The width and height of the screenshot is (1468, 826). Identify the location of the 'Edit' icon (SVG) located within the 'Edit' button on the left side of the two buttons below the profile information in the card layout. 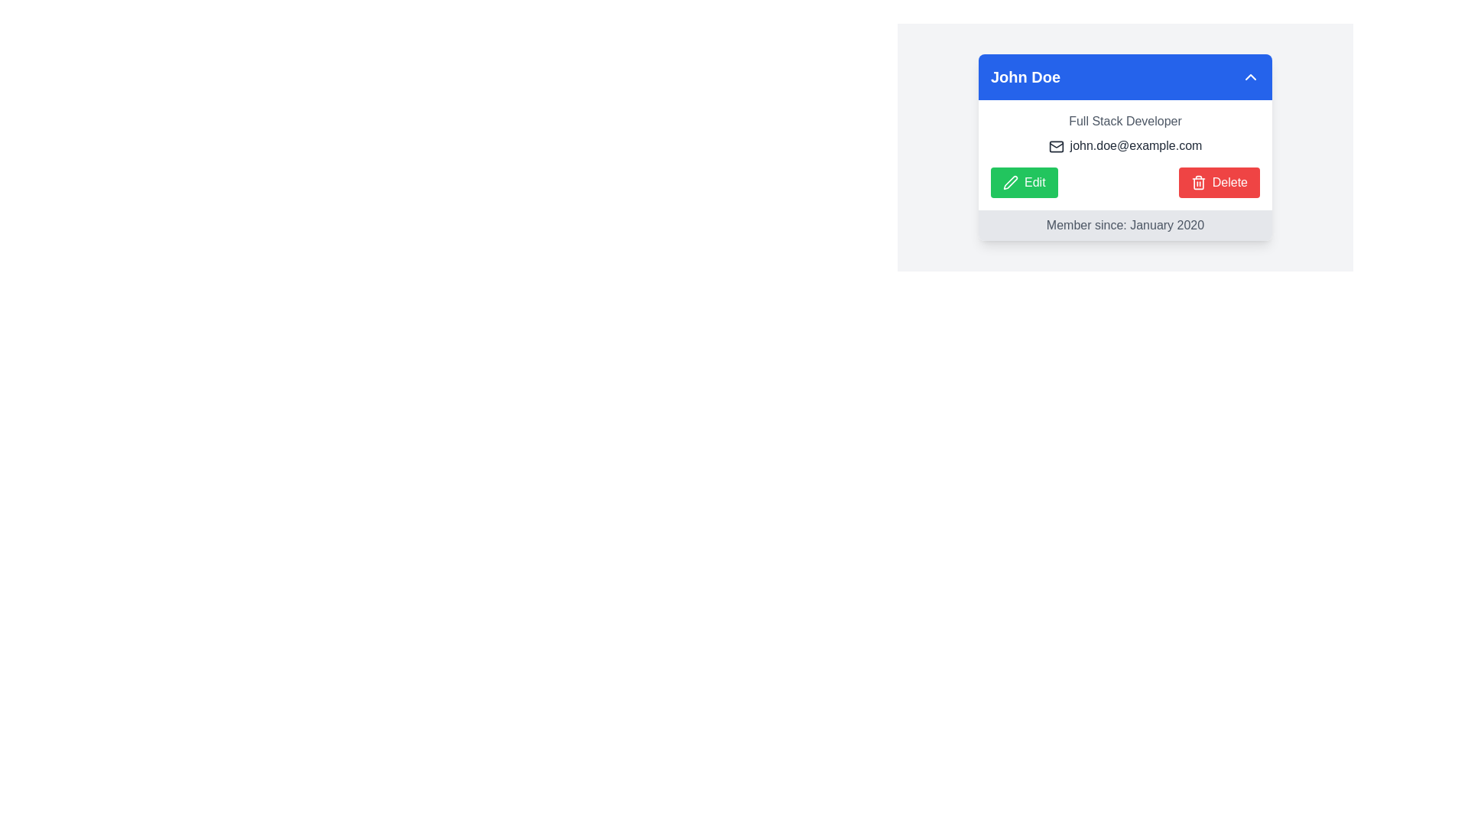
(1010, 181).